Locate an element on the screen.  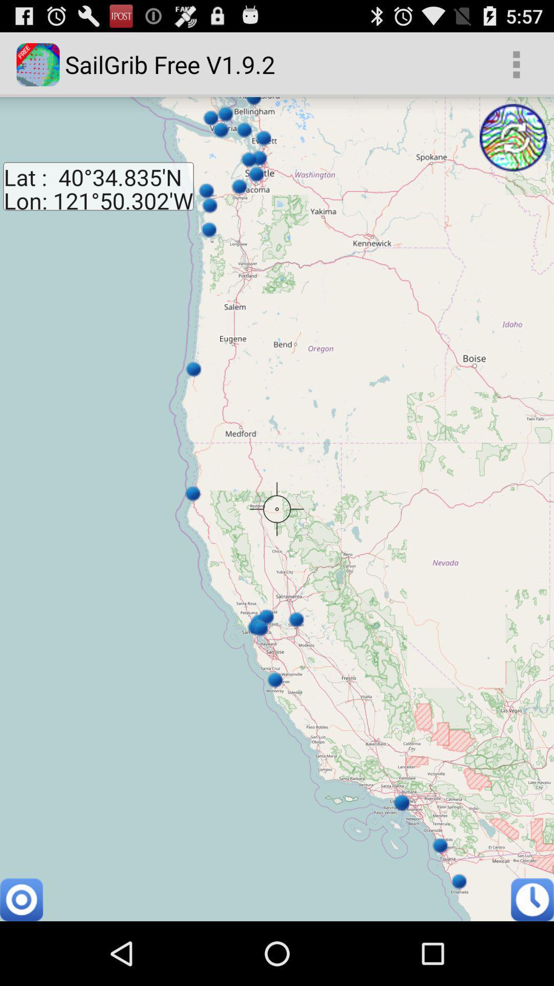
the time icon is located at coordinates (531, 962).